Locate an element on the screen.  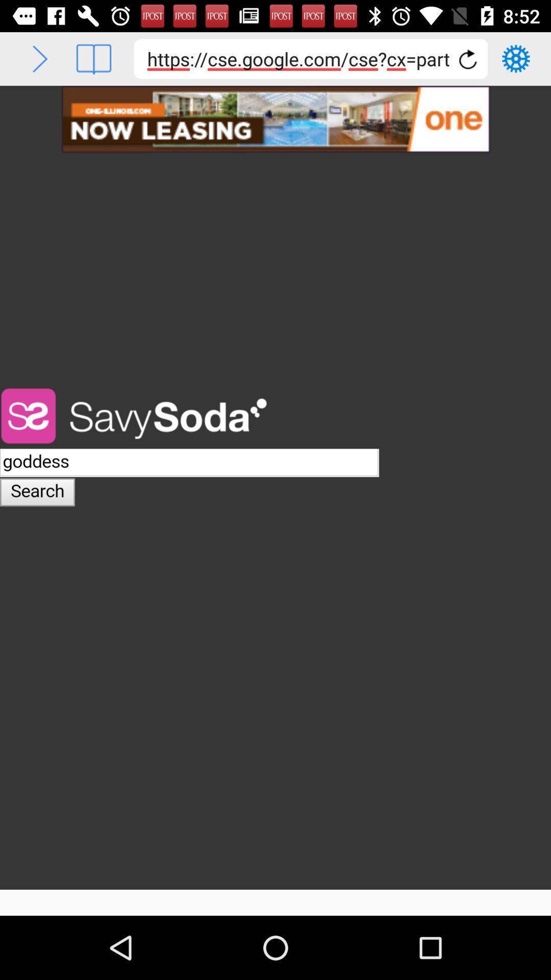
reader view is located at coordinates (93, 58).